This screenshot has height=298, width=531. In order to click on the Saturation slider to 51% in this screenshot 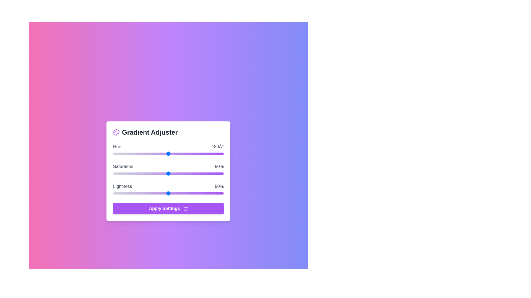, I will do `click(169, 173)`.